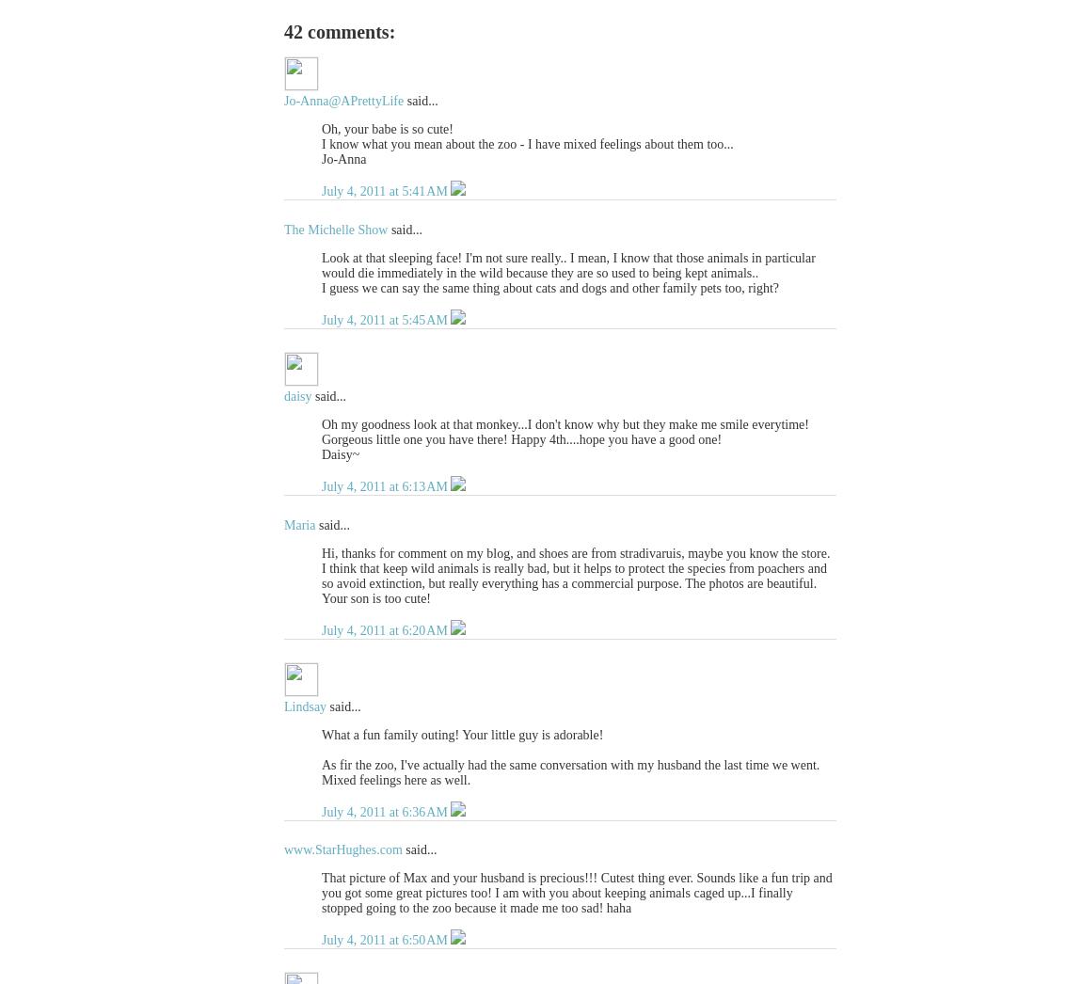  Describe the element at coordinates (386, 940) in the screenshot. I see `'July 4, 2011 at 6:50 AM'` at that location.